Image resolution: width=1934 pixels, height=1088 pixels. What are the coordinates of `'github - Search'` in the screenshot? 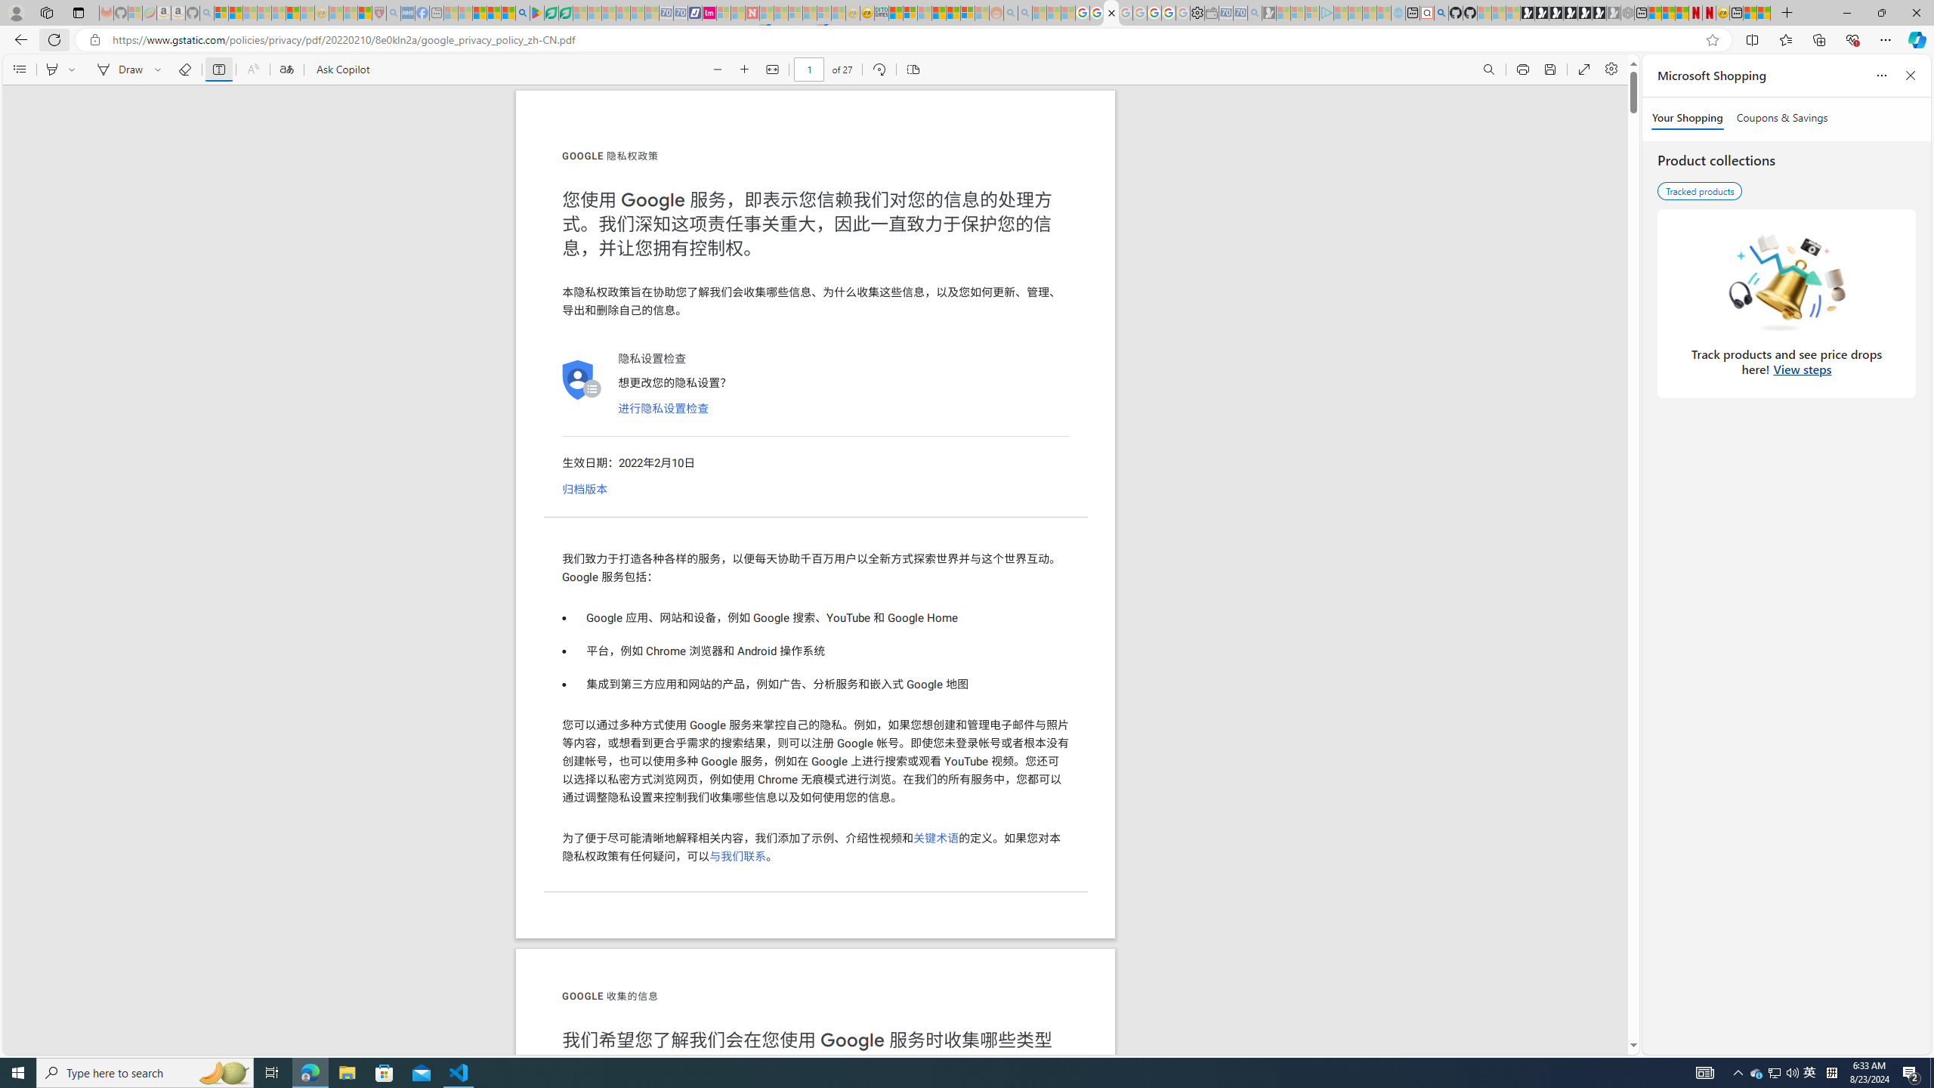 It's located at (1441, 12).